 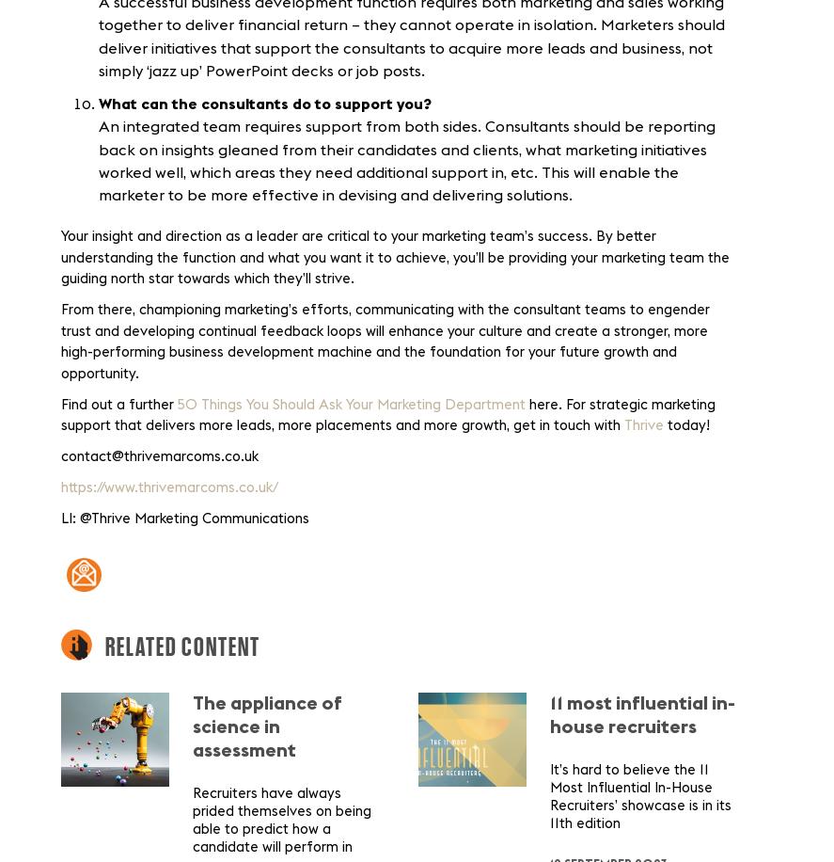 What do you see at coordinates (168, 486) in the screenshot?
I see `'https://www.thrivemarcoms.co.uk/'` at bounding box center [168, 486].